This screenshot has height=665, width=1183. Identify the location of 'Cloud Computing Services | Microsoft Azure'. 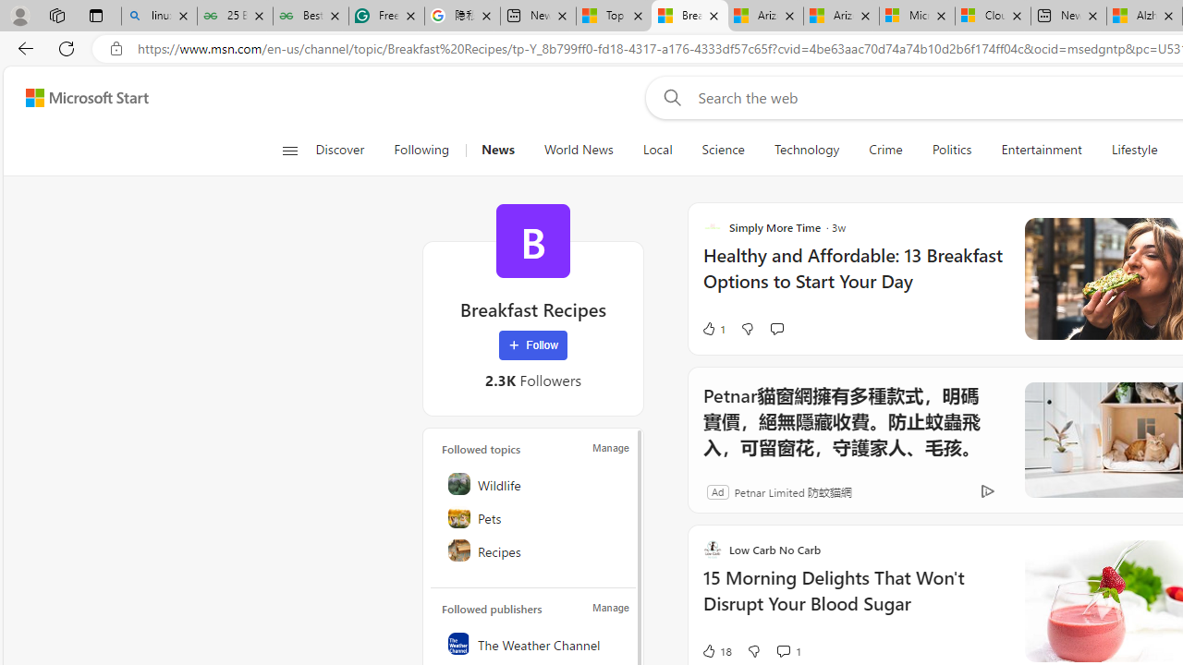
(992, 16).